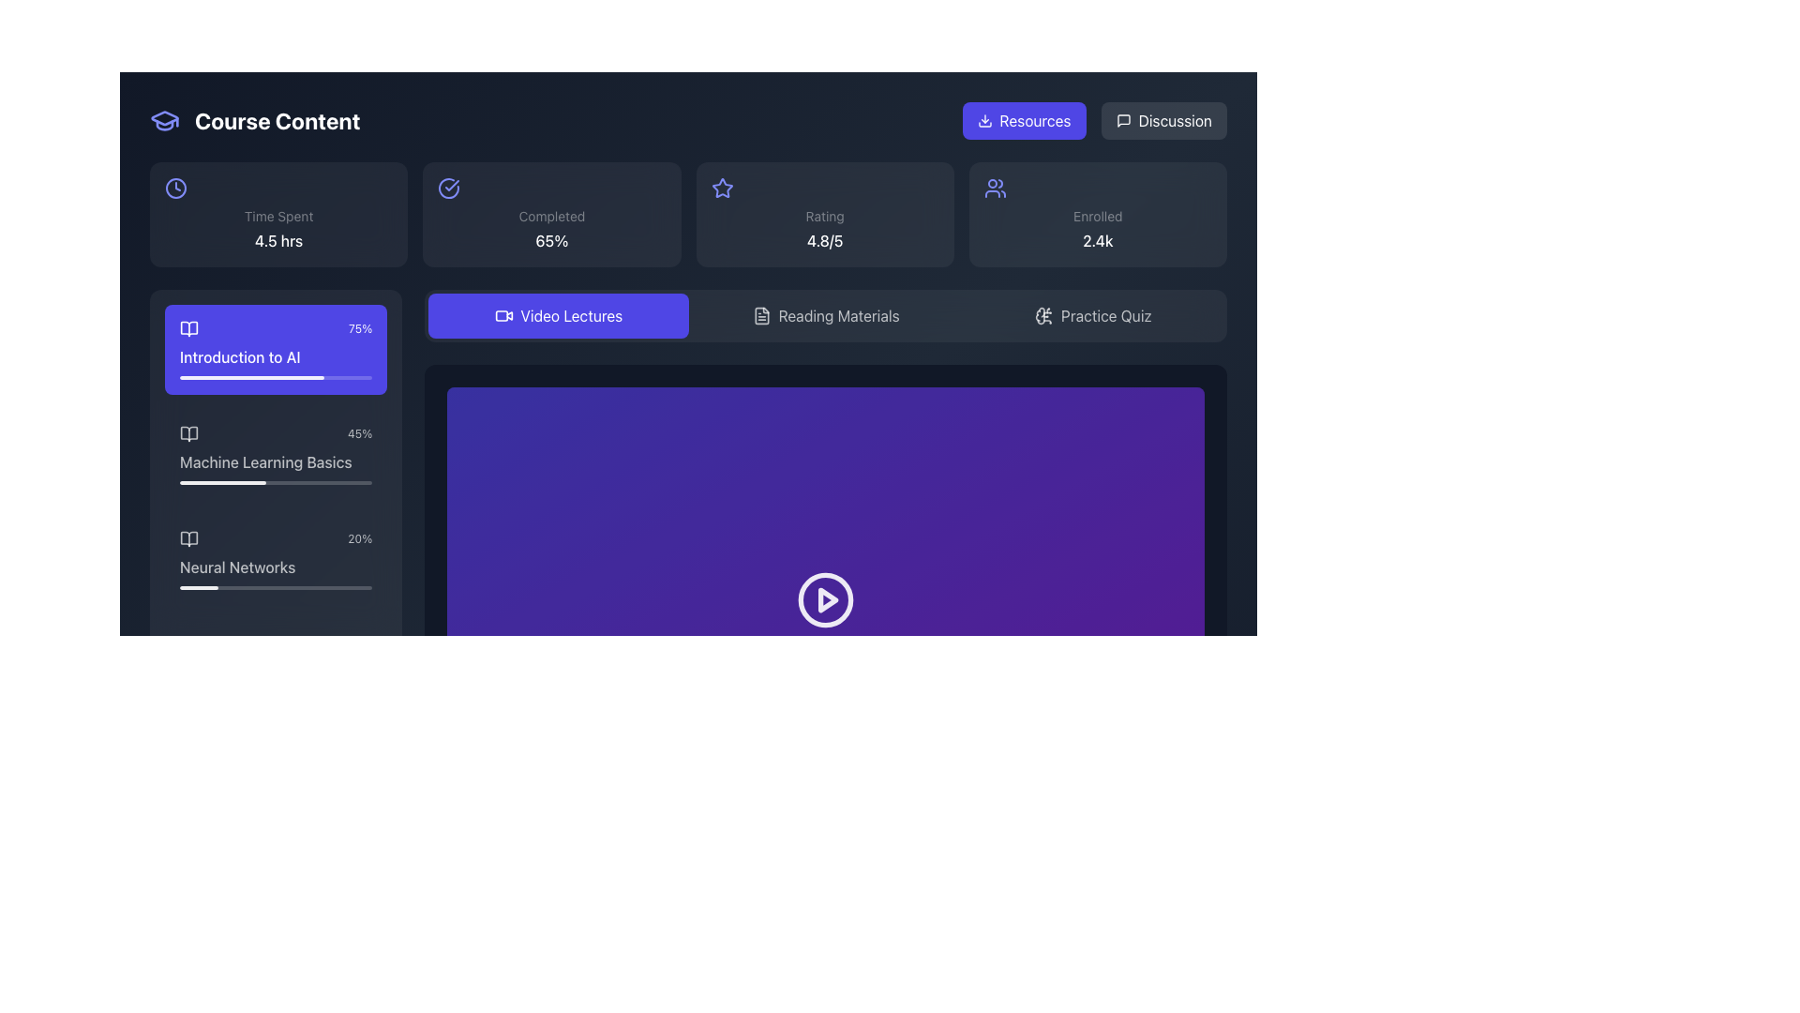 The height and width of the screenshot is (1013, 1800). I want to click on the icon representing the 'Introduction to AI' section, which is located to the left of the title and adjacent to the completion percentage indicator, so click(188, 328).